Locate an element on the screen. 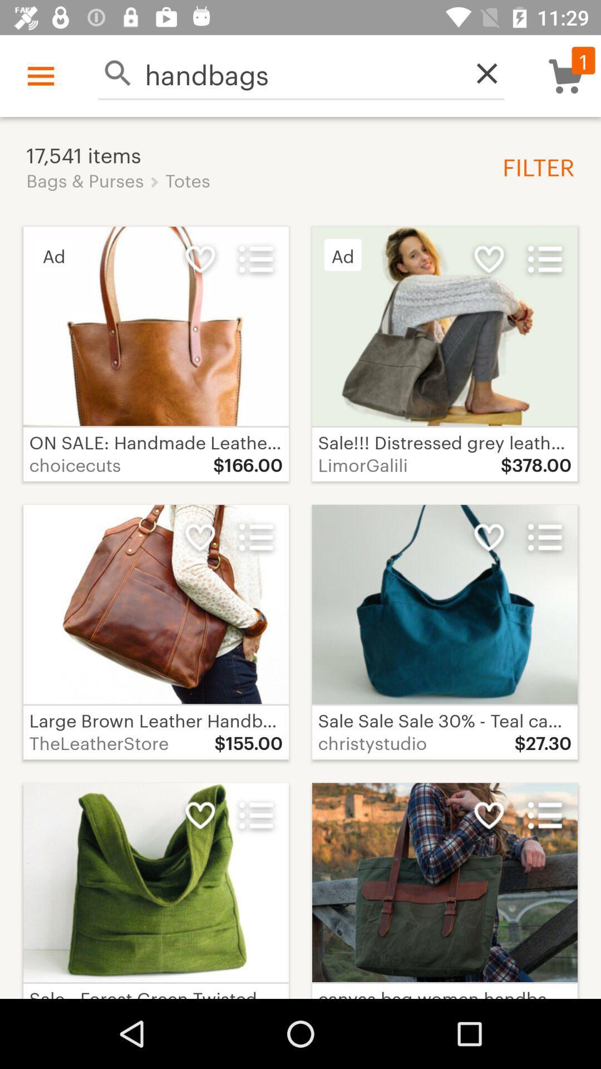 The width and height of the screenshot is (601, 1069). the icon to the right of the 17,541 items icon is located at coordinates (534, 165).